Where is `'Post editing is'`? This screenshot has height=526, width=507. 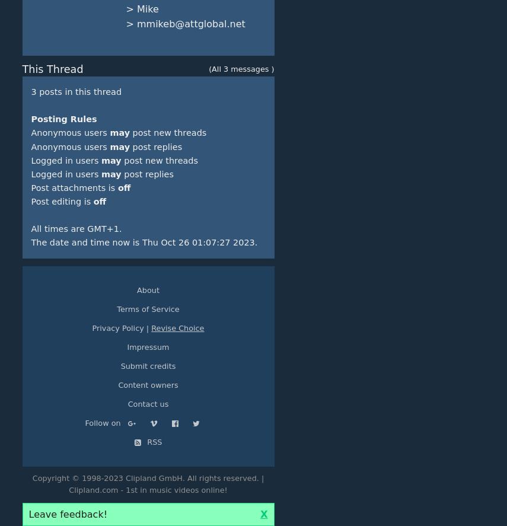 'Post editing is' is located at coordinates (61, 201).